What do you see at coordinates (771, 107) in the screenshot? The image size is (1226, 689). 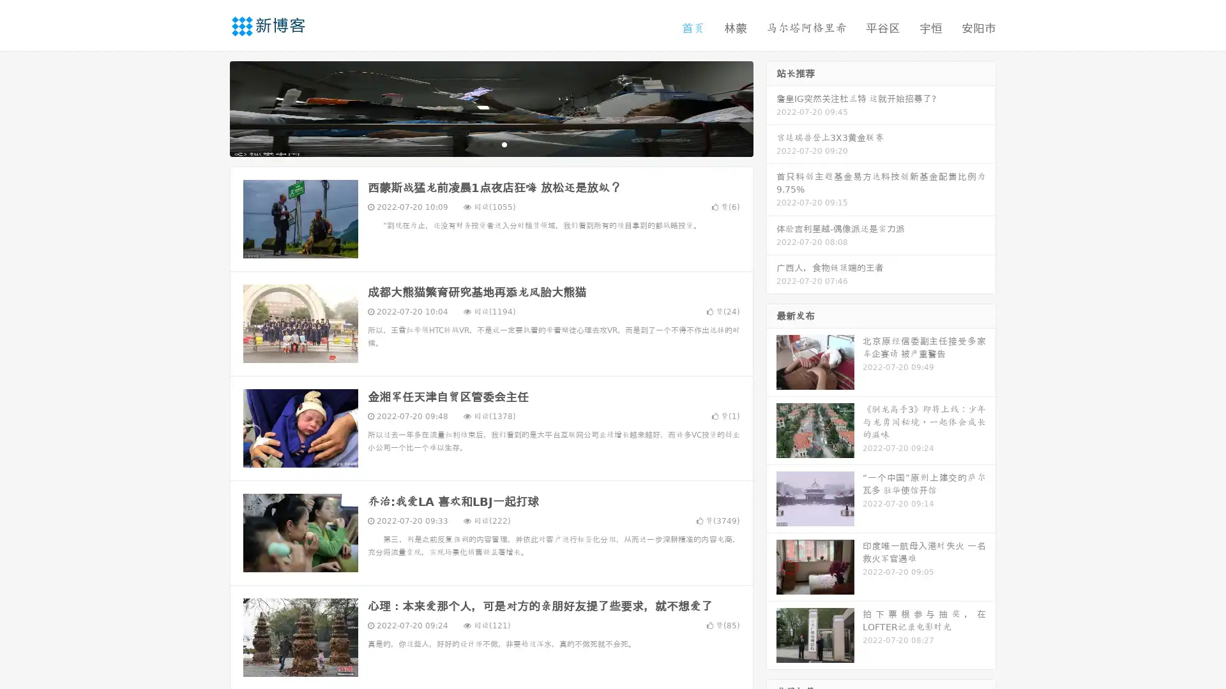 I see `Next slide` at bounding box center [771, 107].